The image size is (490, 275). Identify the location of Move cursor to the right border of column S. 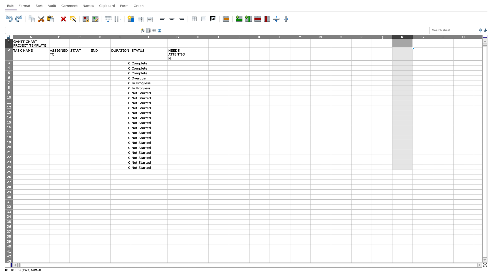
(433, 36).